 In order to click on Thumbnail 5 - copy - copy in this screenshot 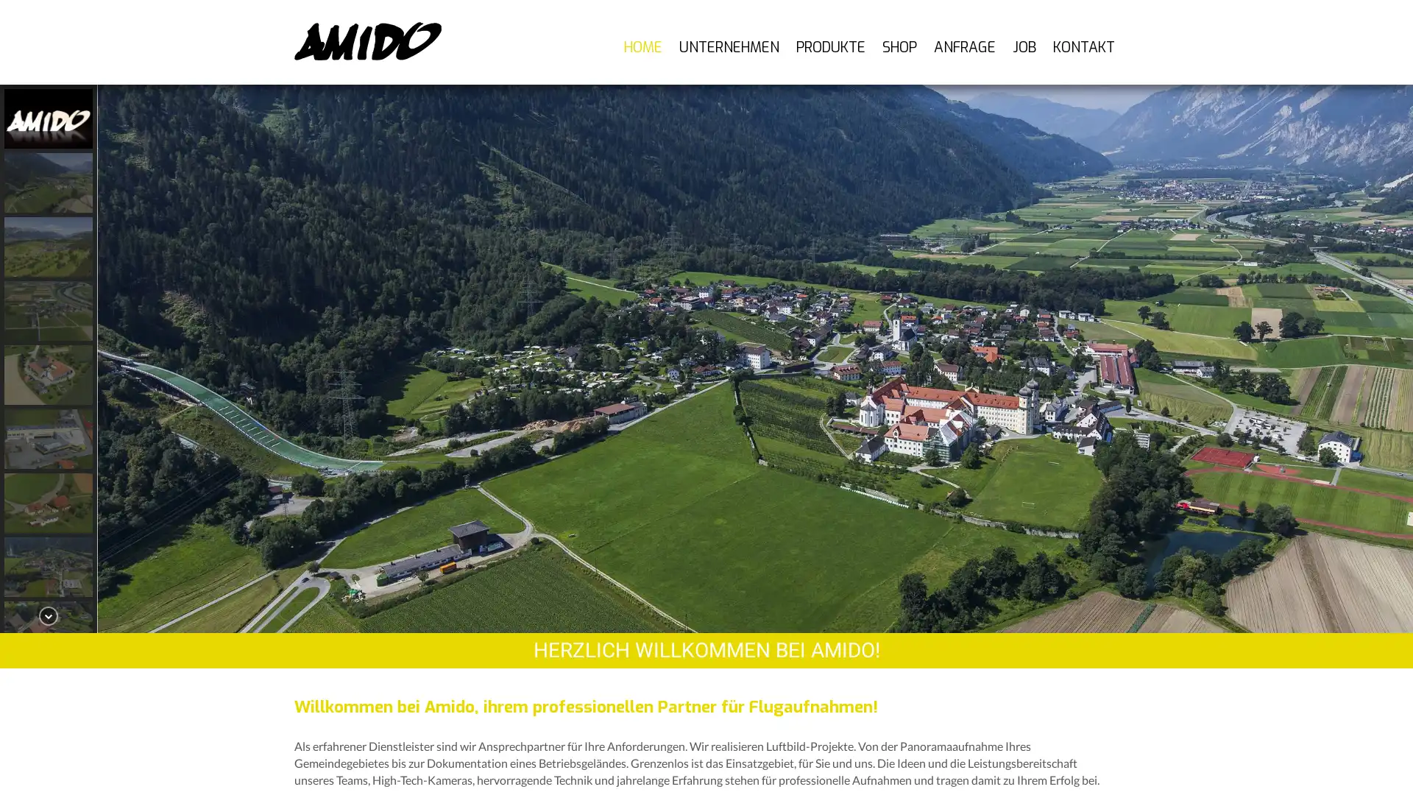, I will do `click(49, 566)`.